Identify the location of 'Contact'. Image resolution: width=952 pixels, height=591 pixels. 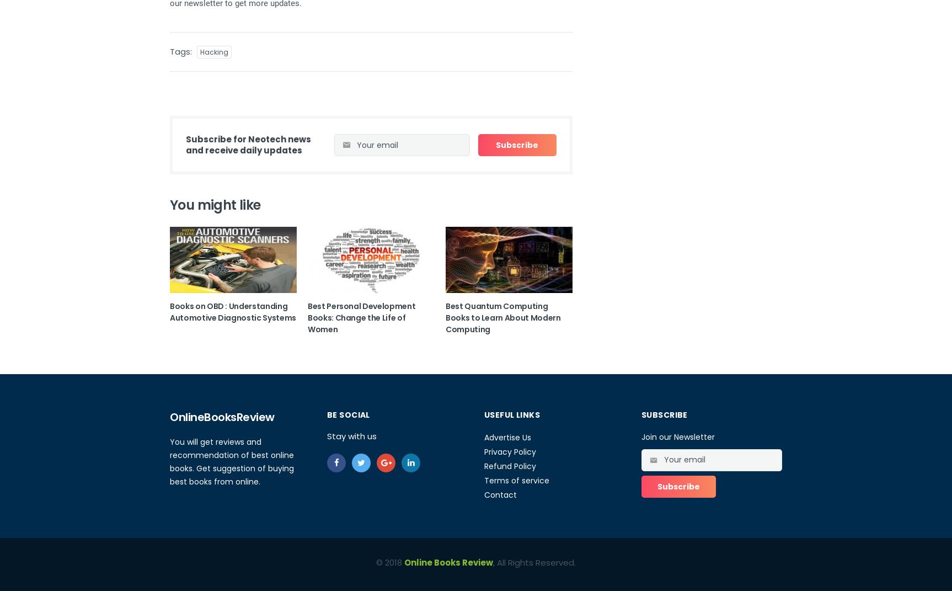
(484, 494).